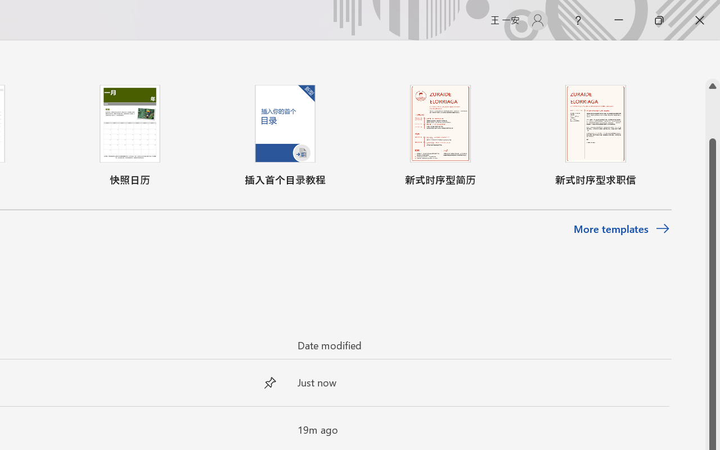 The height and width of the screenshot is (450, 720). Describe the element at coordinates (712, 116) in the screenshot. I see `'Page up'` at that location.